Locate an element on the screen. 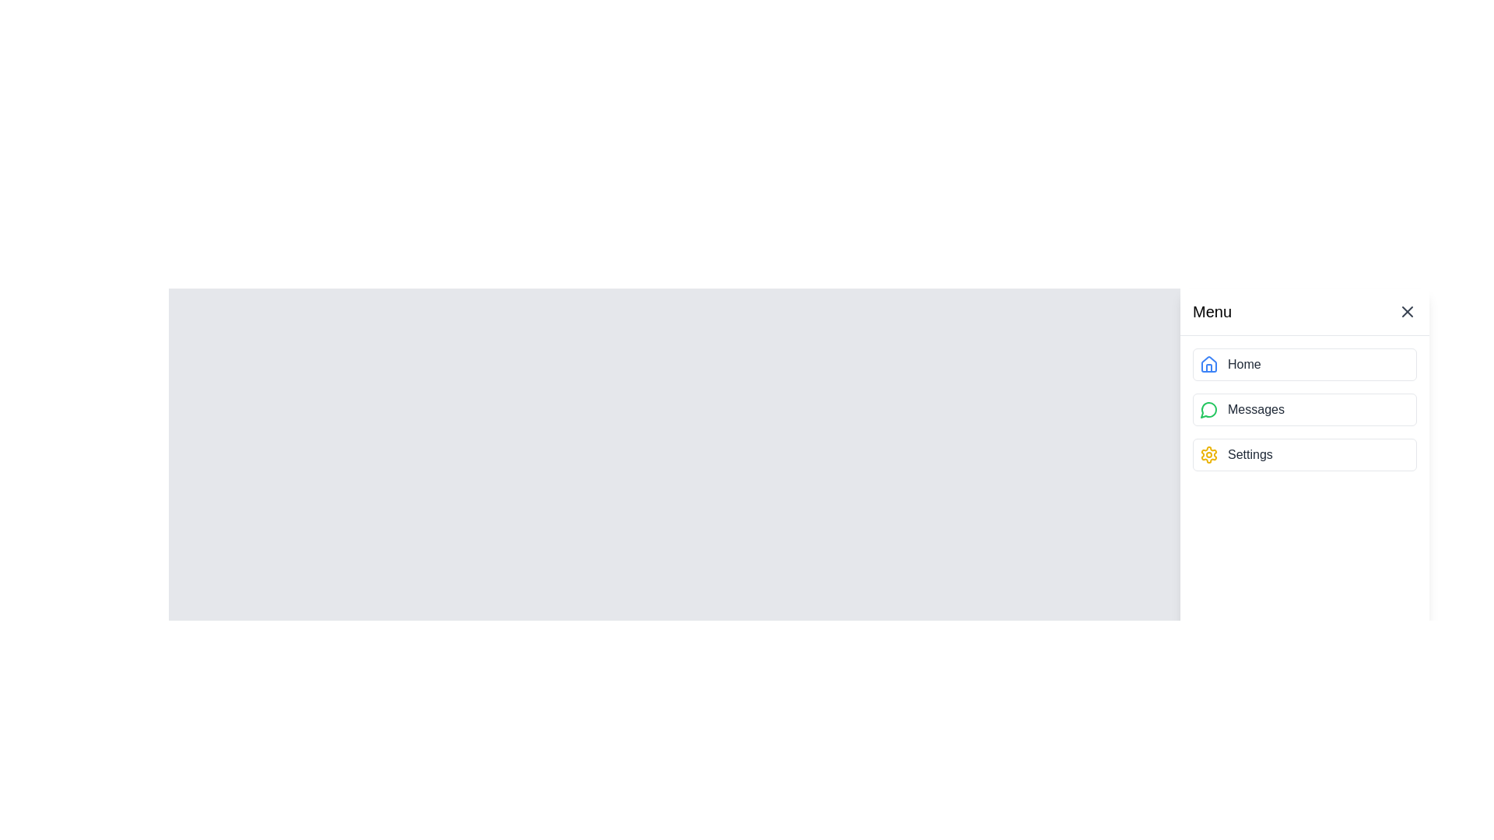 The width and height of the screenshot is (1494, 840). the 'Home' menu icon located on the right side of the interface, adjacent to the 'Home' text label is located at coordinates (1208, 365).